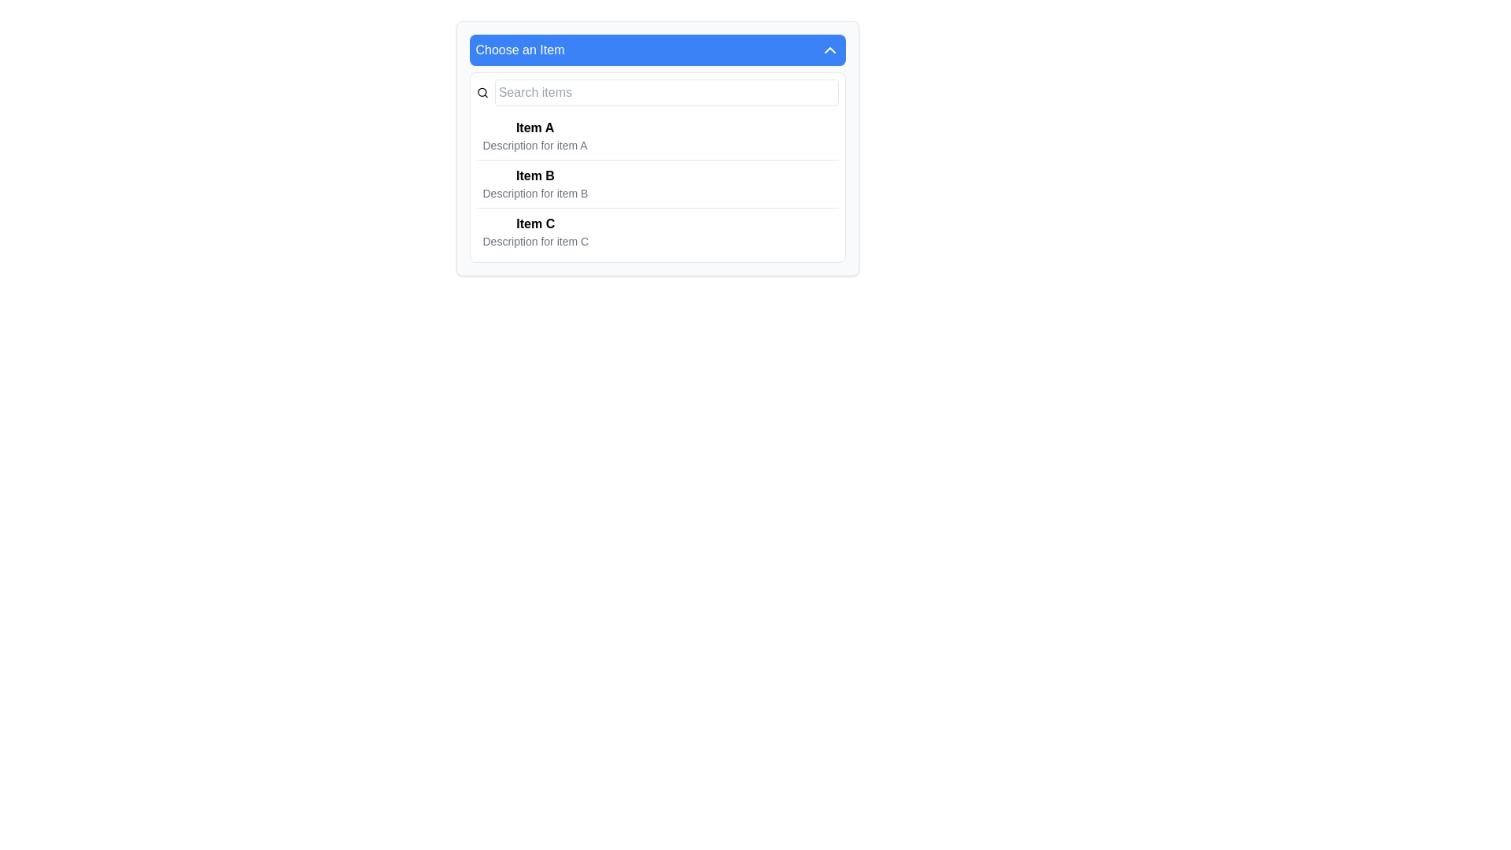 This screenshot has width=1511, height=850. Describe the element at coordinates (657, 50) in the screenshot. I see `the dropdown toggle button located at the top of the dropdown interface` at that location.